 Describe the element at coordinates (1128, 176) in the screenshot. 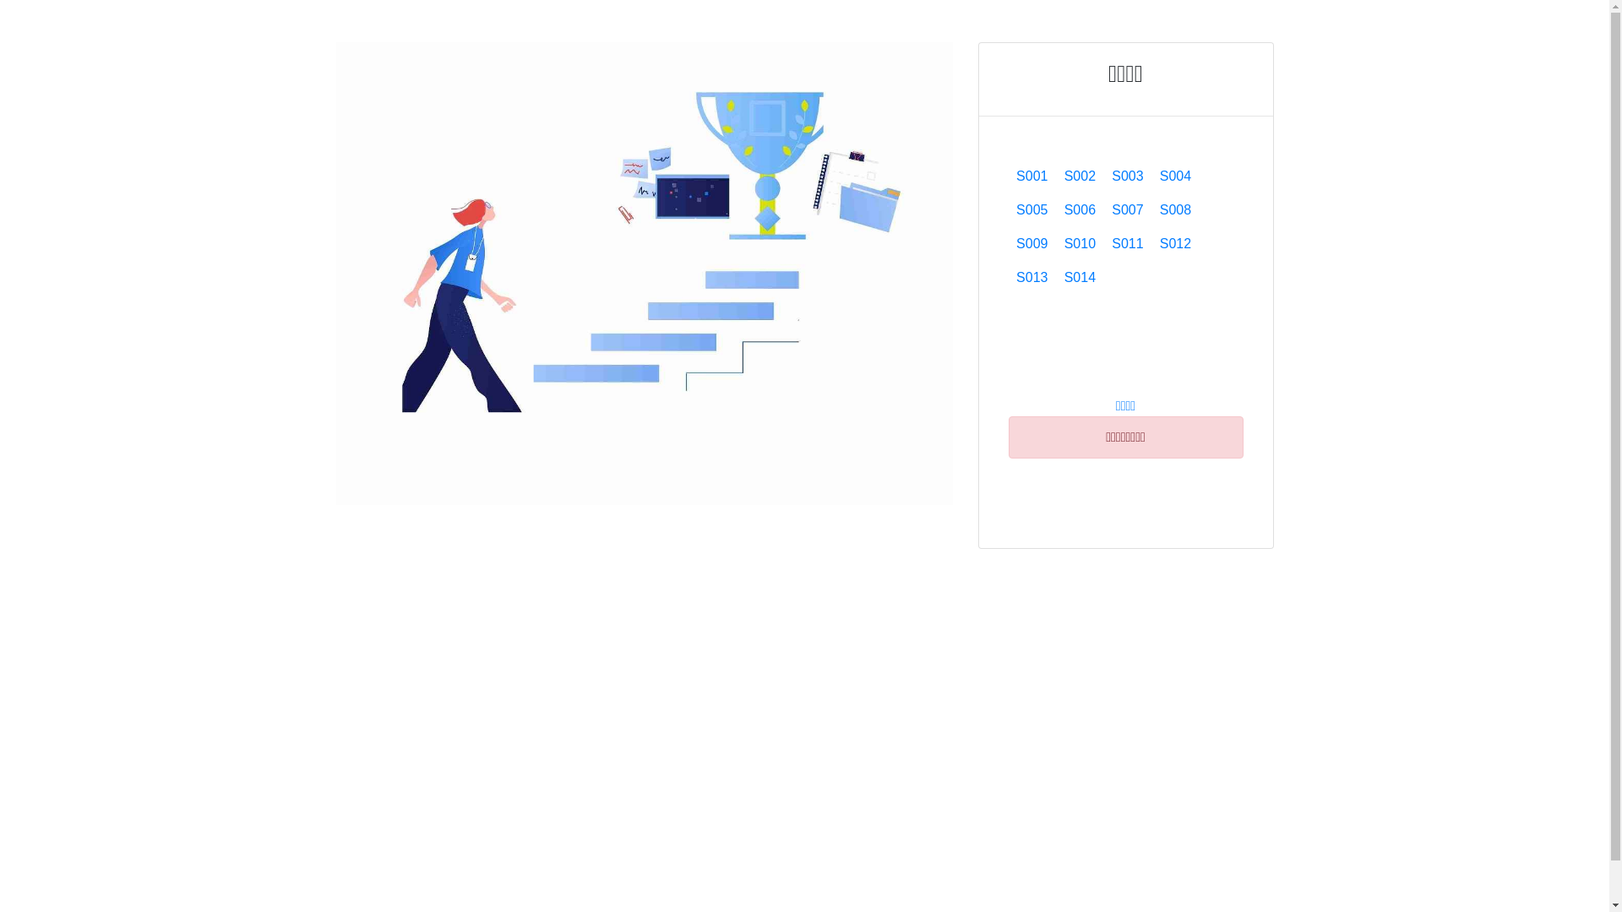

I see `'S003'` at that location.